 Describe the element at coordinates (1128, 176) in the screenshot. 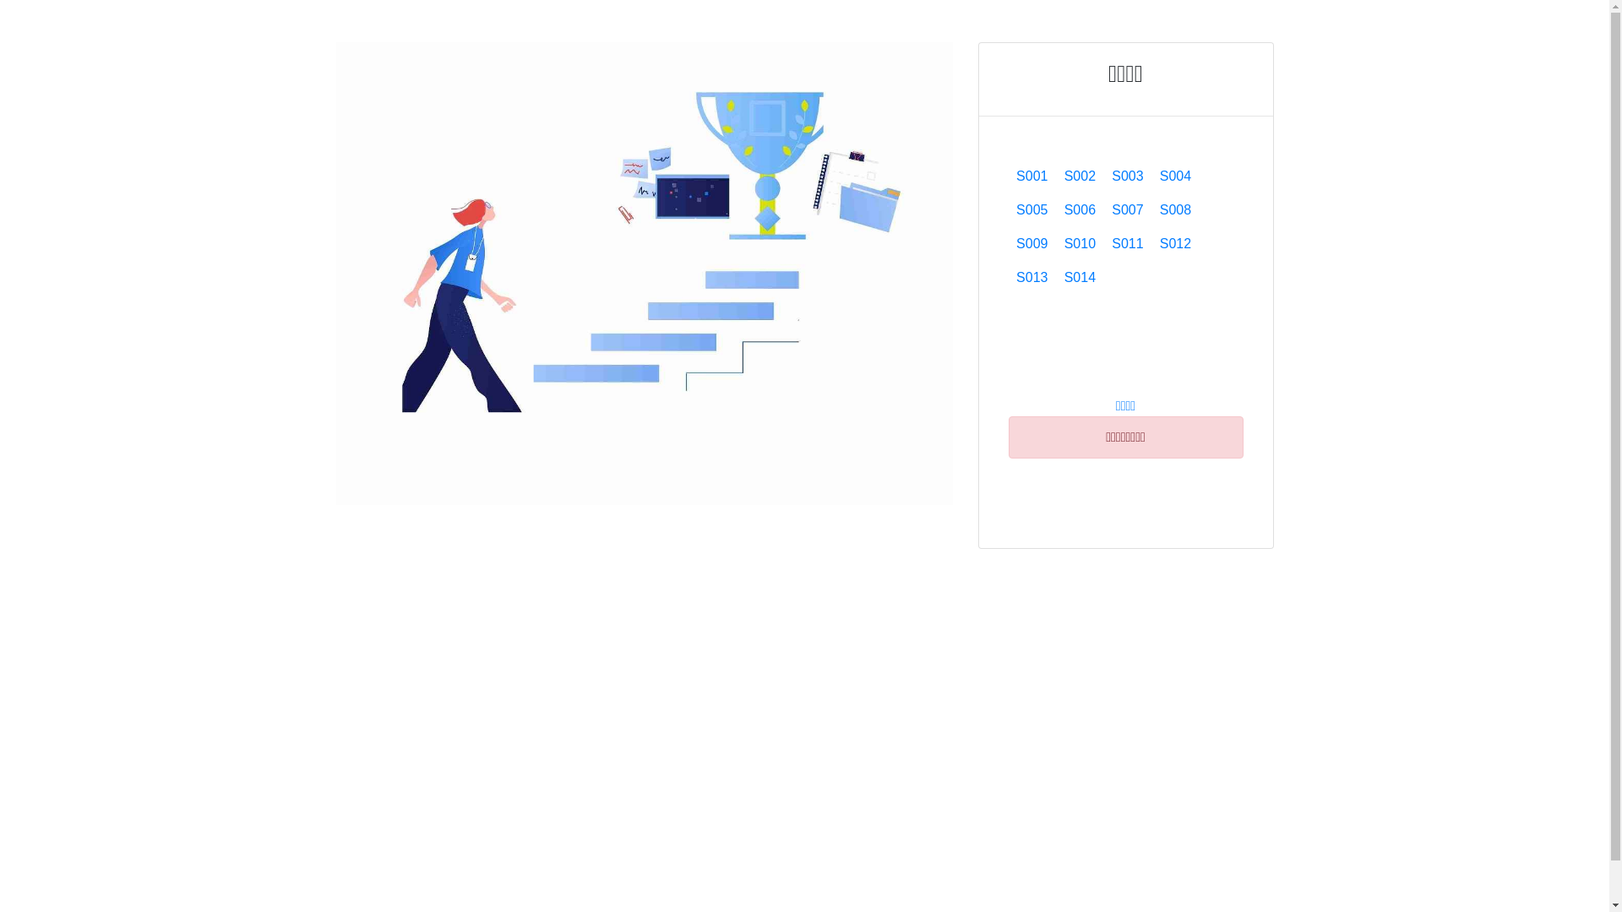

I see `'S003'` at that location.